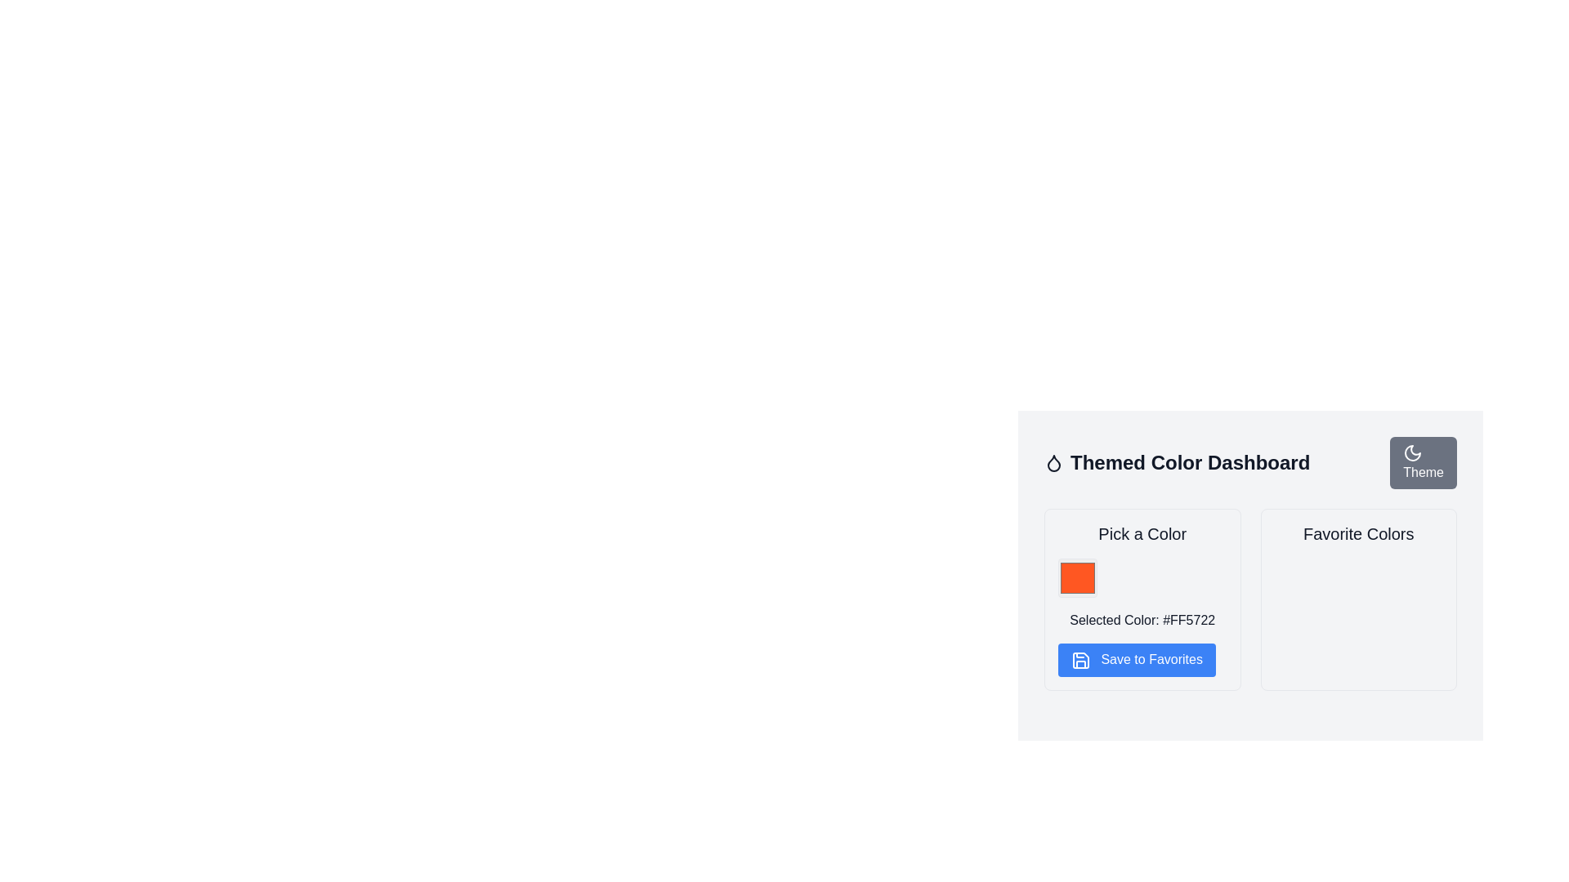 This screenshot has width=1569, height=882. What do you see at coordinates (1412, 453) in the screenshot?
I see `the crescent moon icon within the 'Theme' button located in the top-right corner of the interface` at bounding box center [1412, 453].